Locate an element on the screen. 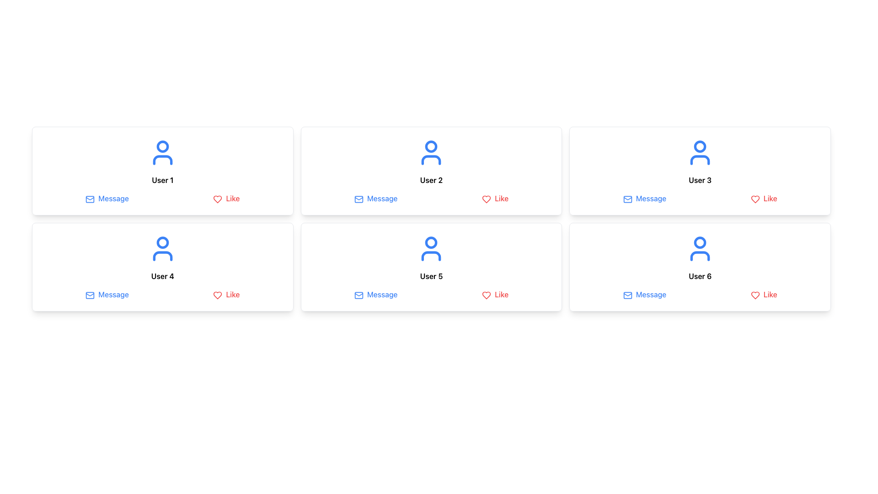 The height and width of the screenshot is (494, 878). the red 'Like' button with a heart-shaped icon in the user card for 'User 3' is located at coordinates (764, 198).